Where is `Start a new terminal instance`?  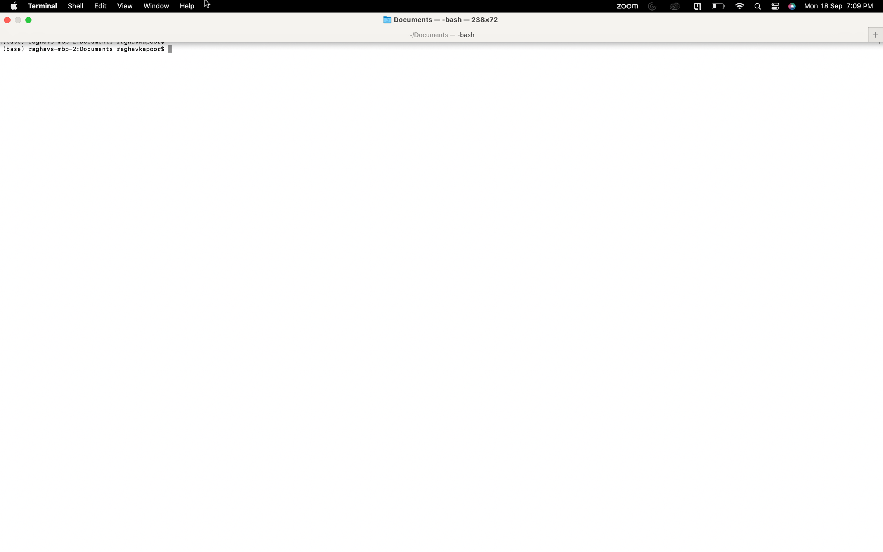 Start a new terminal instance is located at coordinates (43, 6).